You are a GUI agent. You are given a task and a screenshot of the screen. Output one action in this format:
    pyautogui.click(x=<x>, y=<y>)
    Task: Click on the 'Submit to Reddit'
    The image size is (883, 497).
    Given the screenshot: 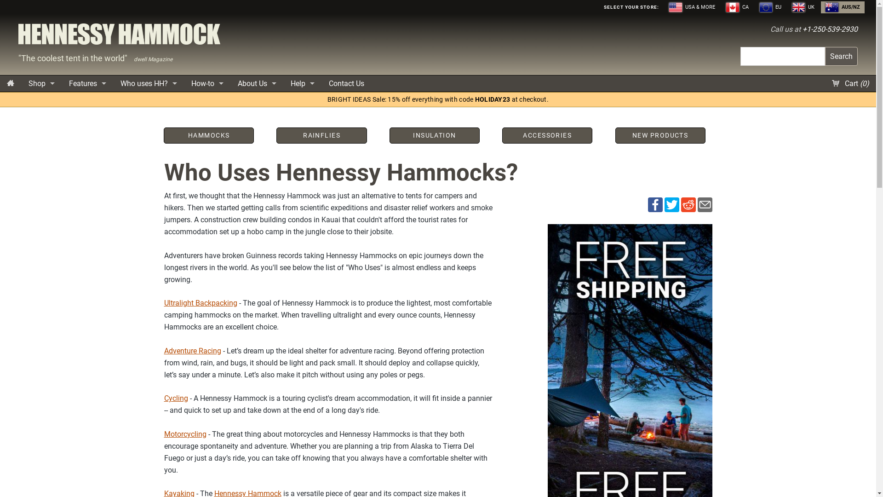 What is the action you would take?
    pyautogui.click(x=680, y=204)
    